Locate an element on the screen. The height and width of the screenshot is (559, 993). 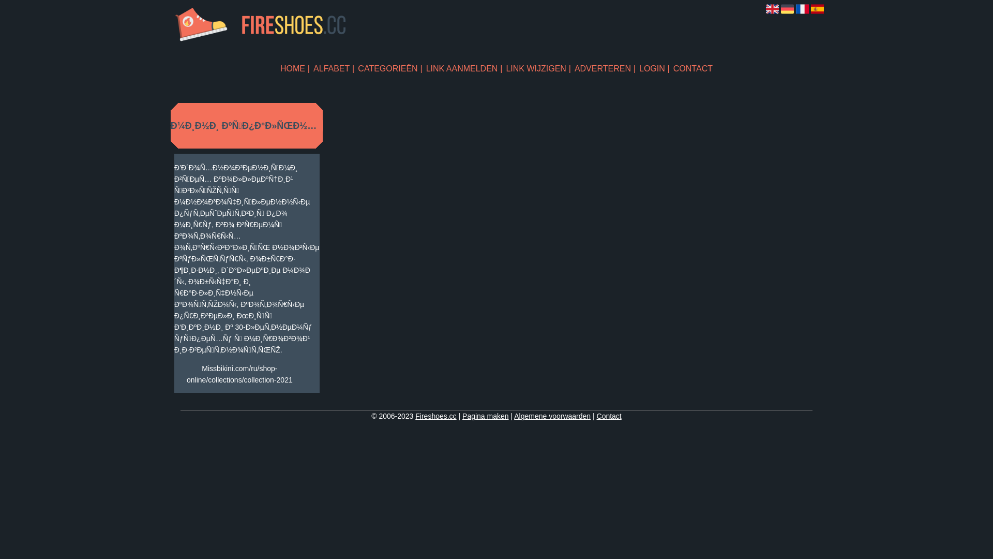
'LOGIN' is located at coordinates (654, 68).